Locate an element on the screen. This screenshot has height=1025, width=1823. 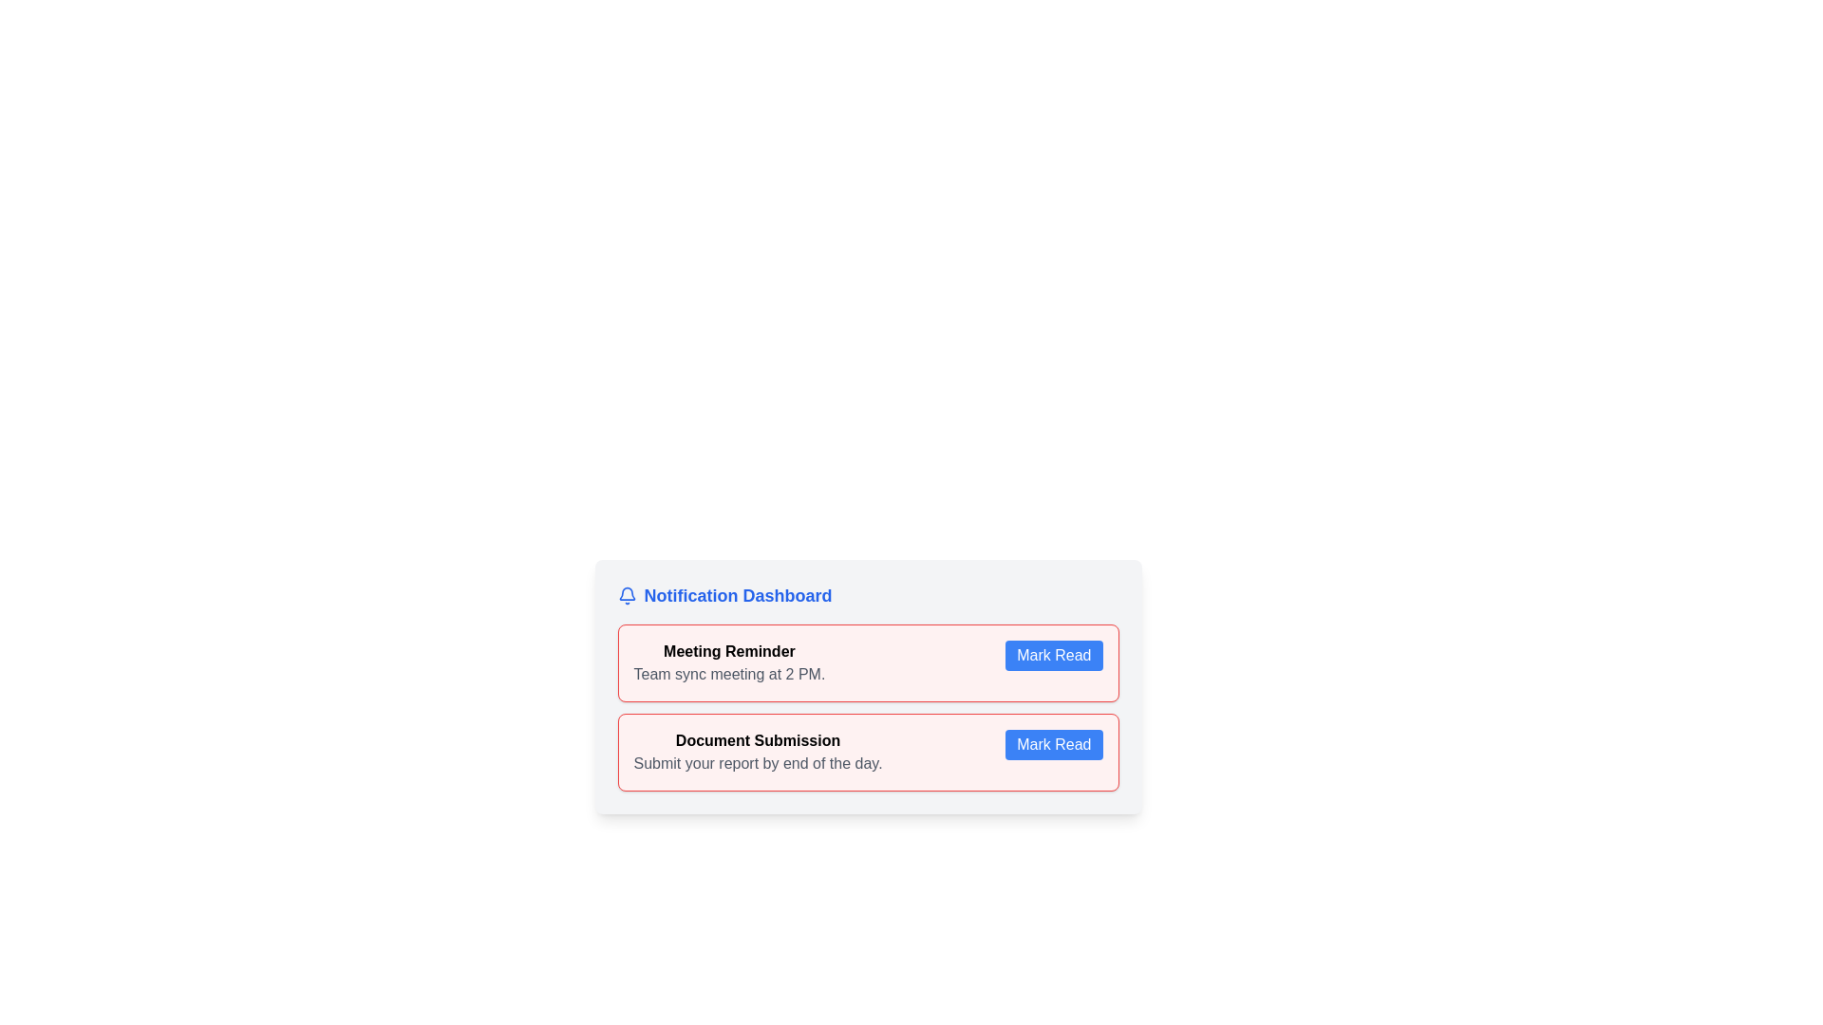
the 'Meeting Reminder' text block, which is the first notification card in the list, prominently displayed above the 'Mark Read' button is located at coordinates (728, 662).